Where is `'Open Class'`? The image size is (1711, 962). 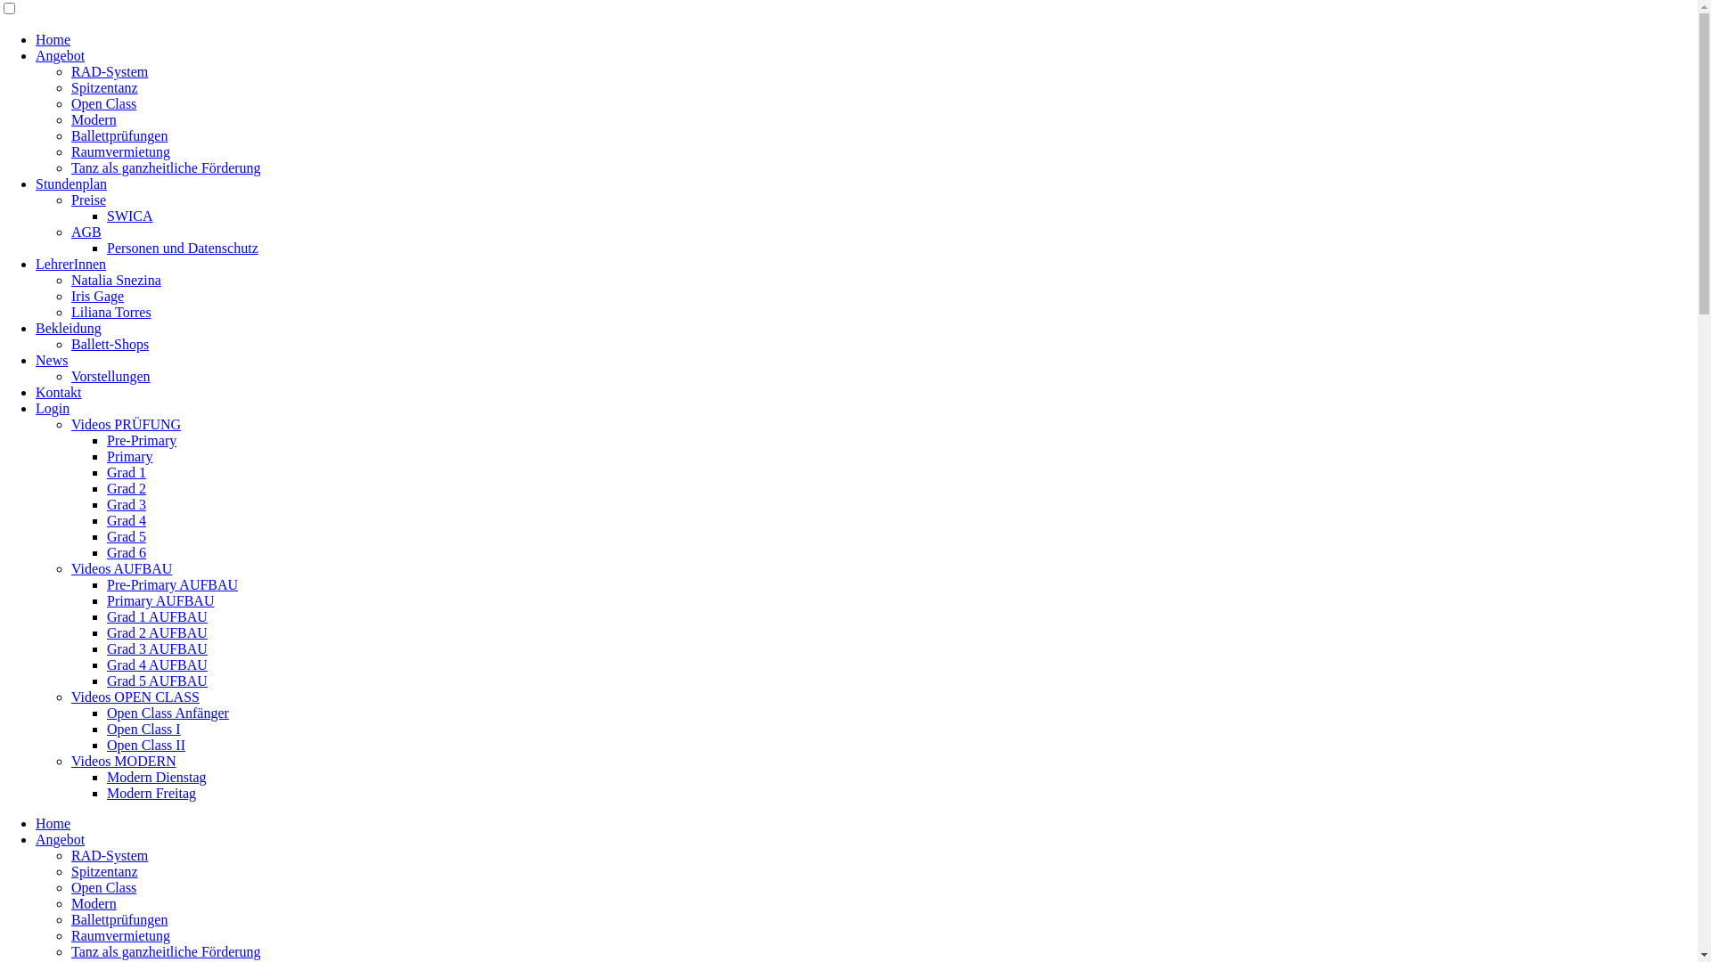 'Open Class' is located at coordinates (102, 103).